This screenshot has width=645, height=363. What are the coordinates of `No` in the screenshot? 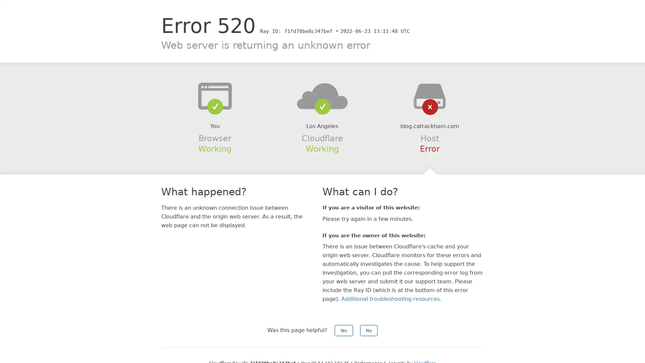 It's located at (369, 330).